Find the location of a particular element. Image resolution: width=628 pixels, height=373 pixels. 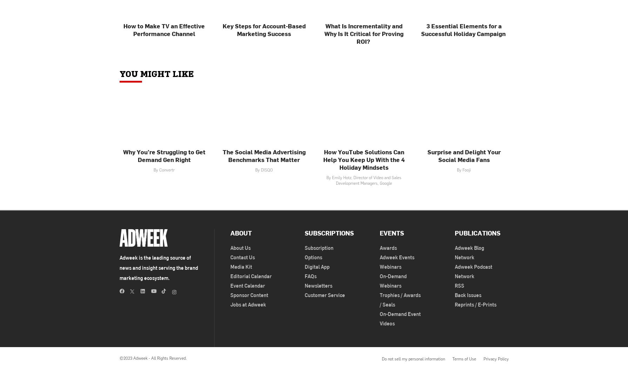

'Key Steps for Account-Based Marketing Success' is located at coordinates (222, 29).